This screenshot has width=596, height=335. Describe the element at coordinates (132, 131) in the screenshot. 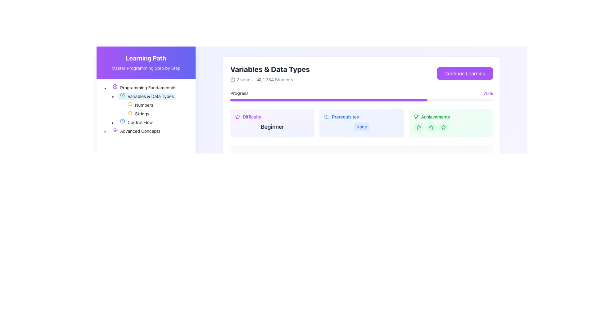

I see `the 'Advanced Concepts' tree node item in the hierarchical list` at that location.